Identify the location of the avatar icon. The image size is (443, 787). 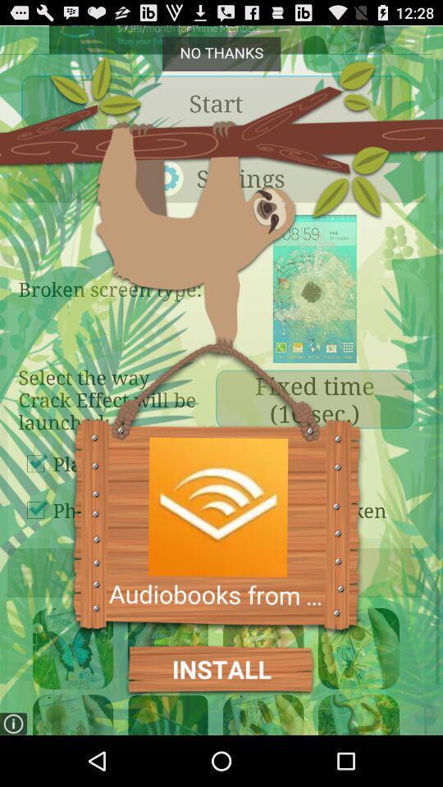
(72, 765).